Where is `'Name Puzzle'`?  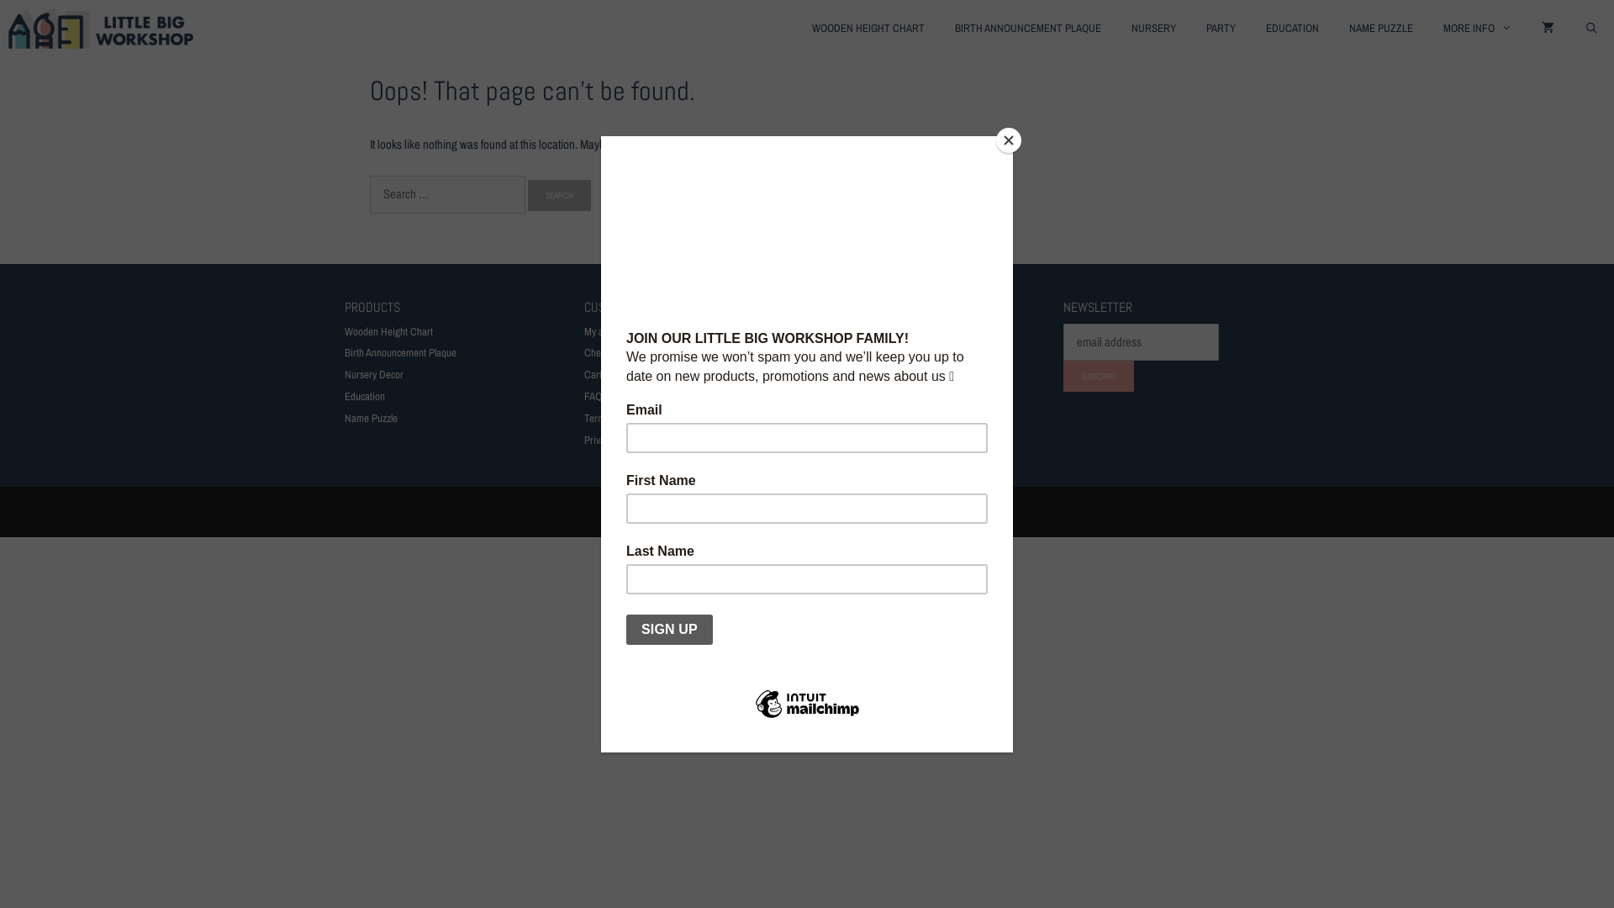
'Name Puzzle' is located at coordinates (370, 417).